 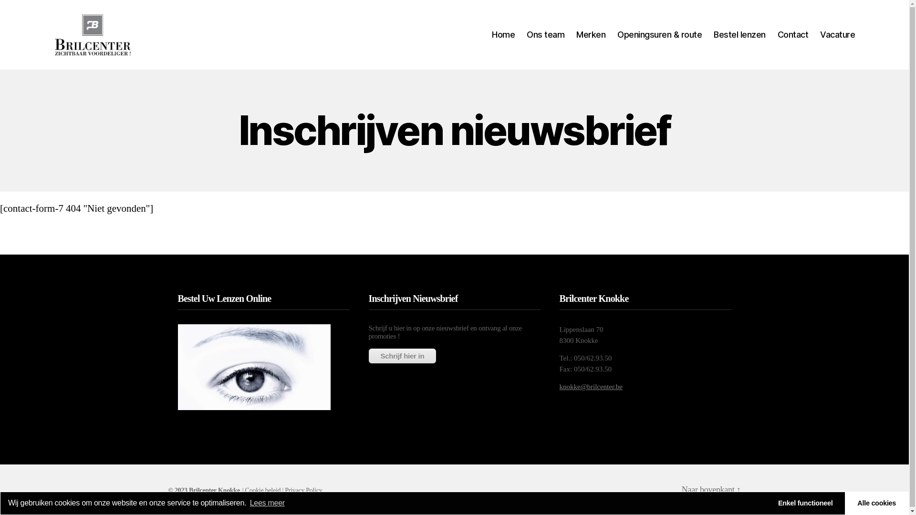 What do you see at coordinates (188, 490) in the screenshot?
I see `'Brilcenter Knokke'` at bounding box center [188, 490].